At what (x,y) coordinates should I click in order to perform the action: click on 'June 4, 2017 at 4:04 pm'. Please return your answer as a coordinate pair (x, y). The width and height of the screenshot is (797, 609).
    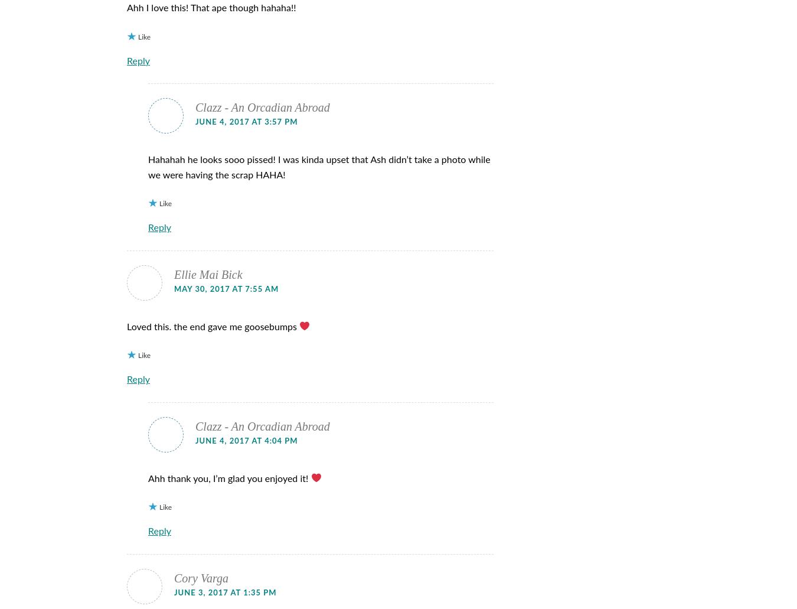
    Looking at the image, I should click on (246, 440).